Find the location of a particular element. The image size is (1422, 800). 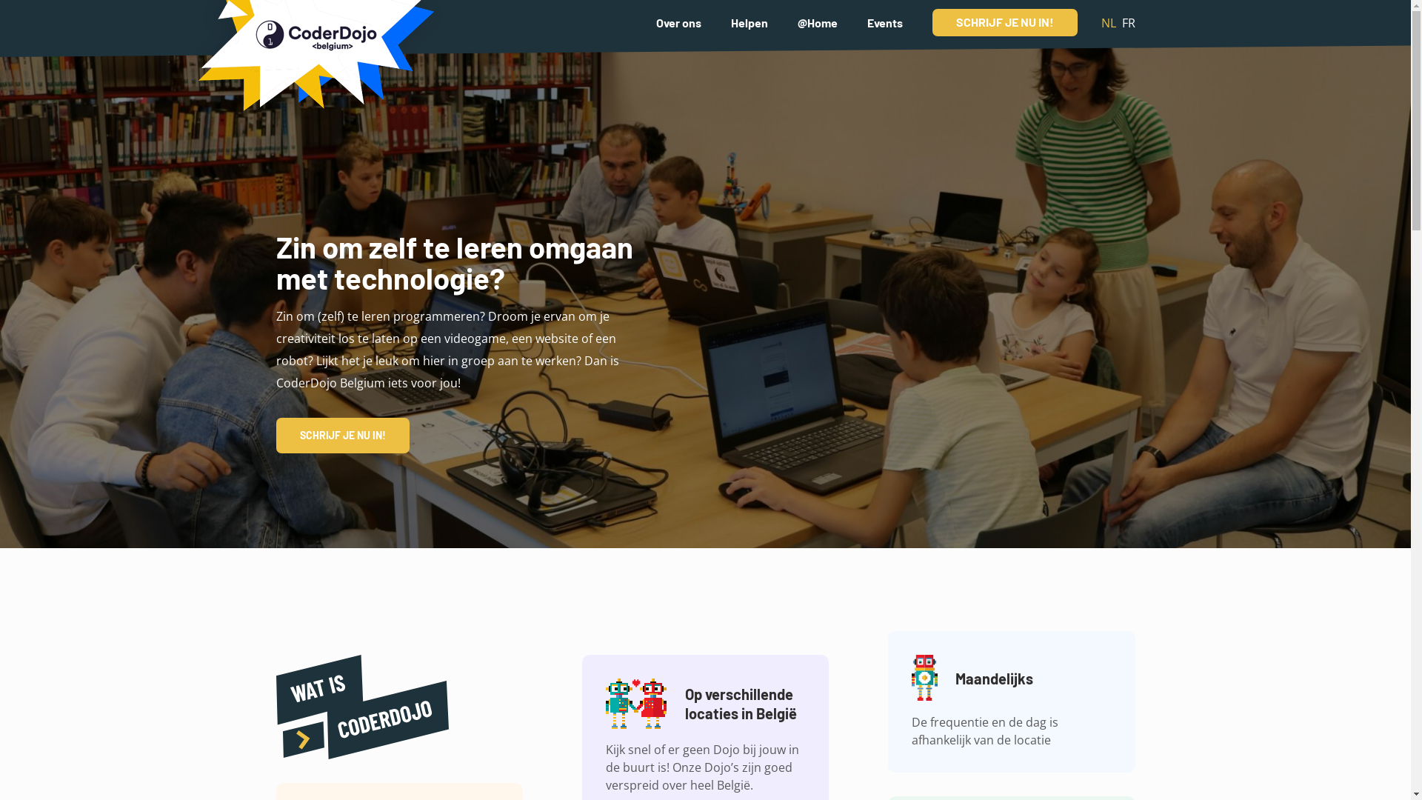

'SCHRIJF JE NU IN!' is located at coordinates (341, 434).